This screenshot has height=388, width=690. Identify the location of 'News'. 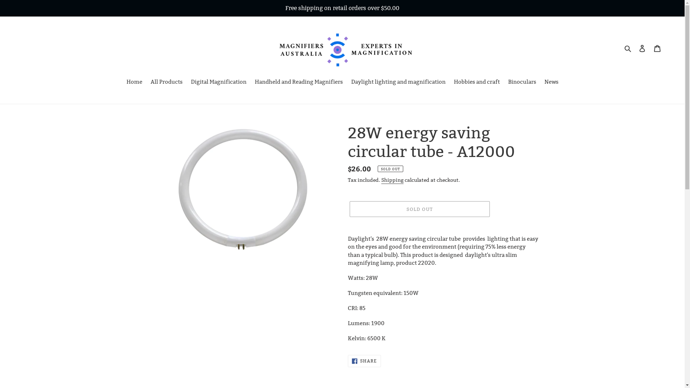
(551, 82).